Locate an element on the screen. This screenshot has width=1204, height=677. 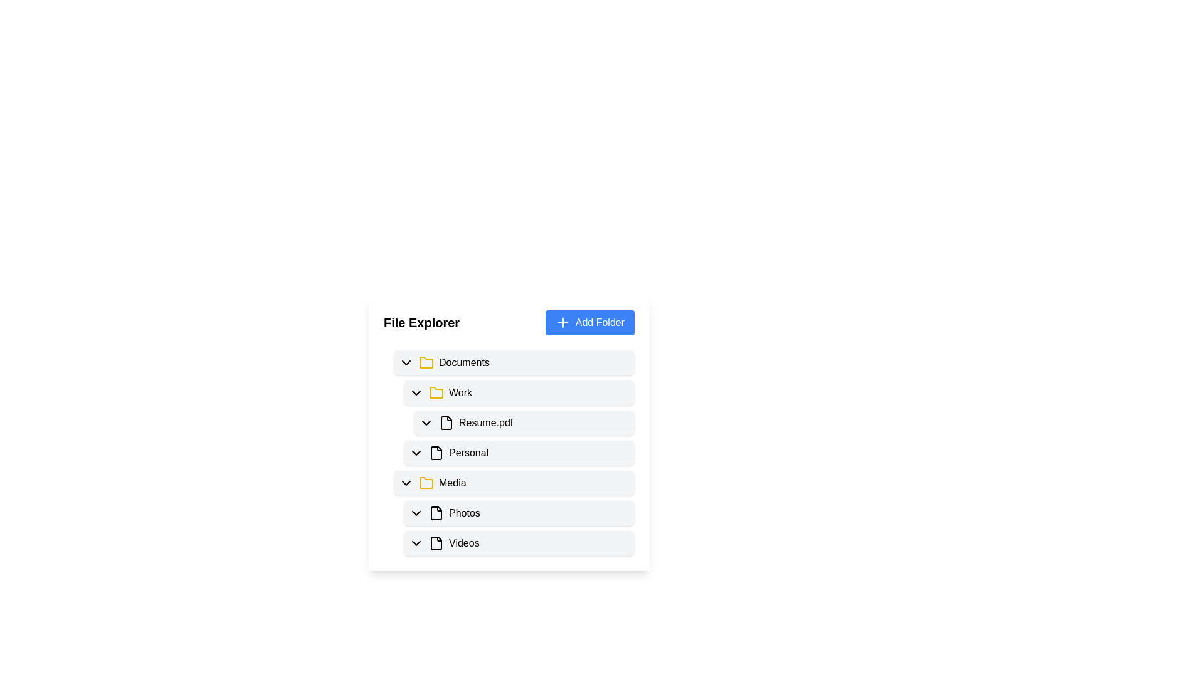
the chevron-down icon located to the left of the 'Media' label to trigger any hover effects is located at coordinates (406, 483).